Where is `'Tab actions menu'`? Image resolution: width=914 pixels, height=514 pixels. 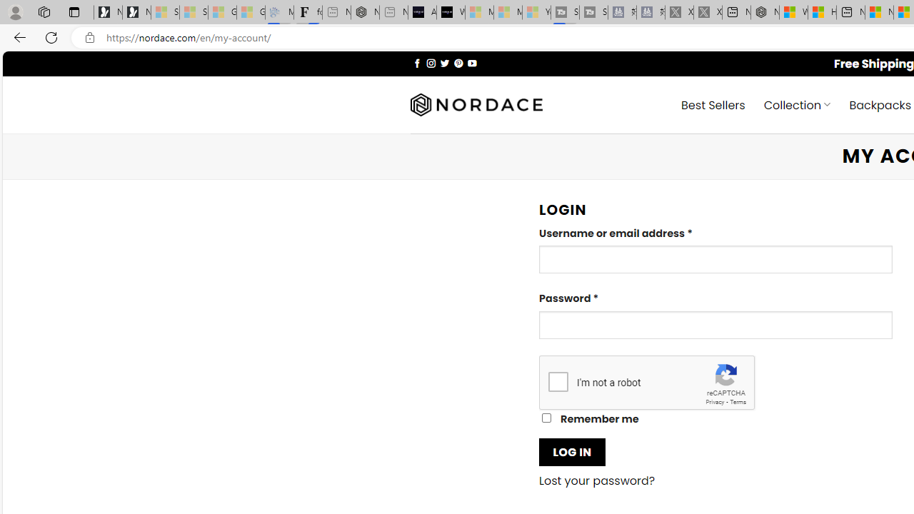 'Tab actions menu' is located at coordinates (74, 11).